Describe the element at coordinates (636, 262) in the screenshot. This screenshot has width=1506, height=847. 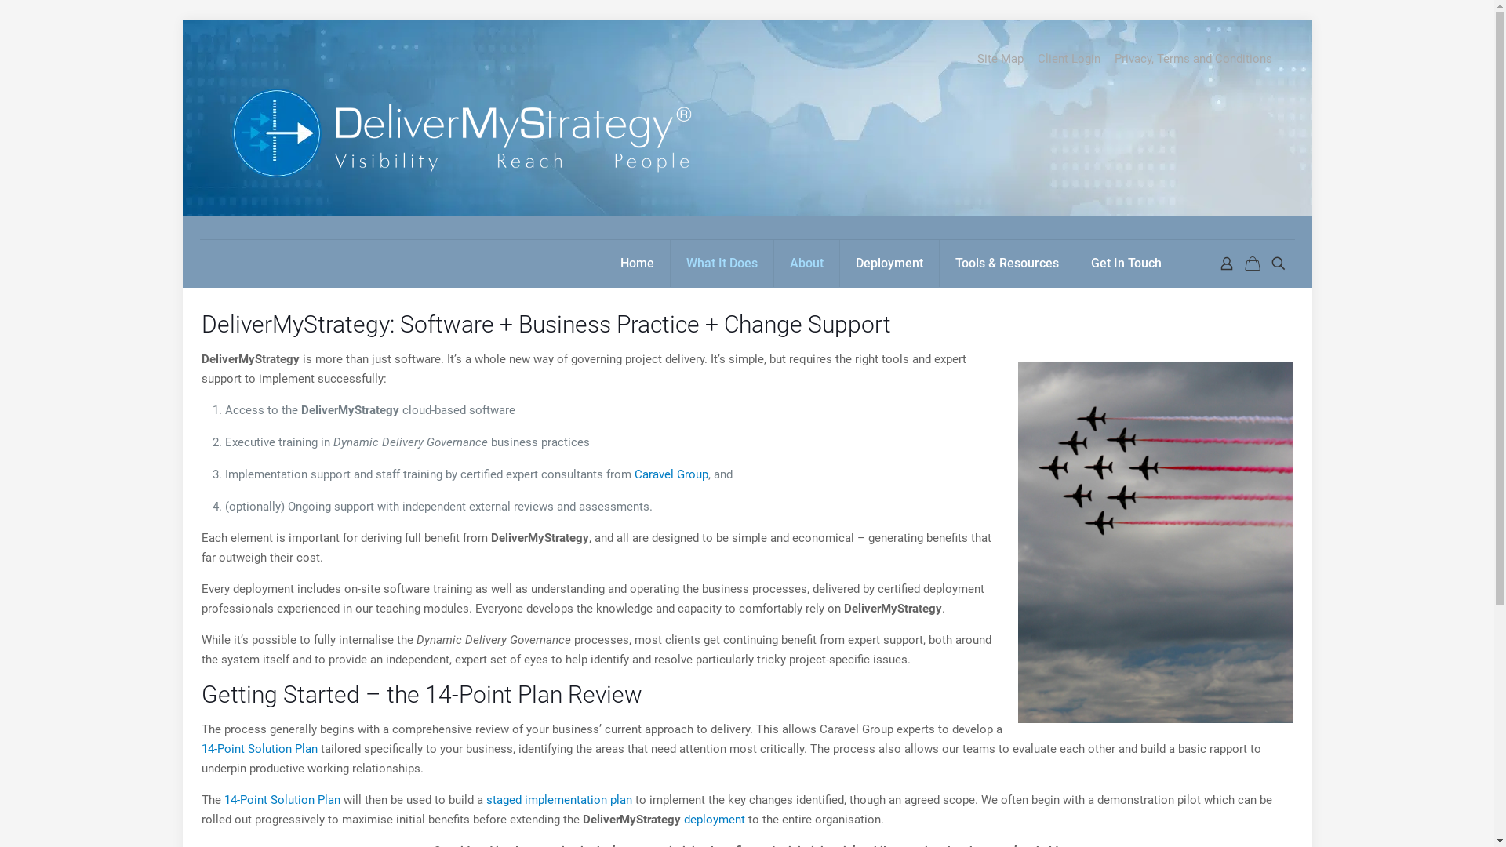
I see `'Home'` at that location.